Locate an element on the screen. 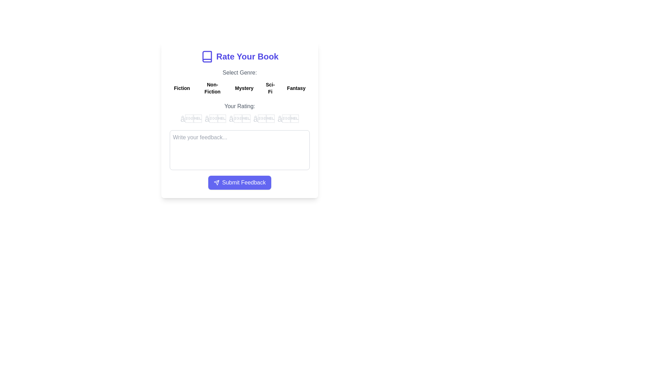 Image resolution: width=672 pixels, height=378 pixels. the text label displaying 'Your Rating:' which is styled with a gray font color and is positioned above the star rating icons is located at coordinates (240, 106).